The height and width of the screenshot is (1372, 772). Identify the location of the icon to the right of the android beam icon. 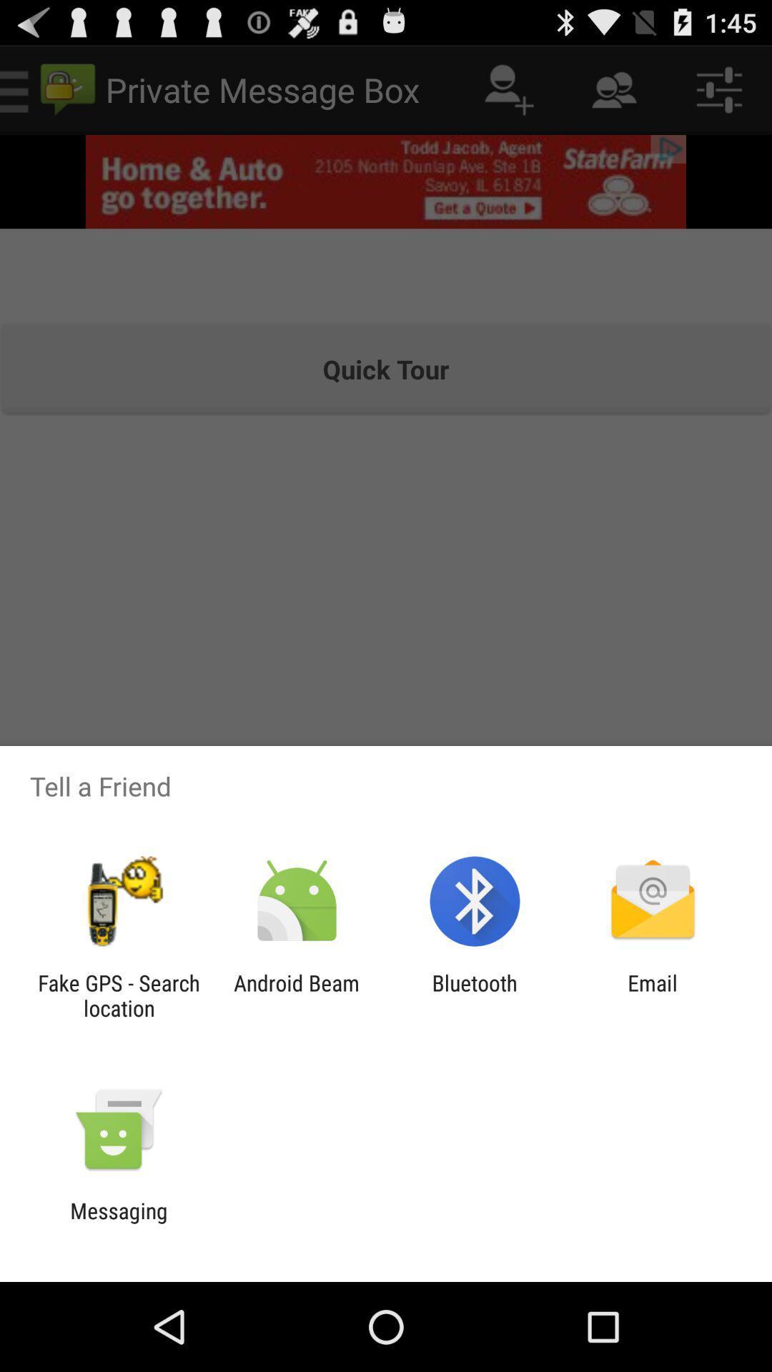
(475, 995).